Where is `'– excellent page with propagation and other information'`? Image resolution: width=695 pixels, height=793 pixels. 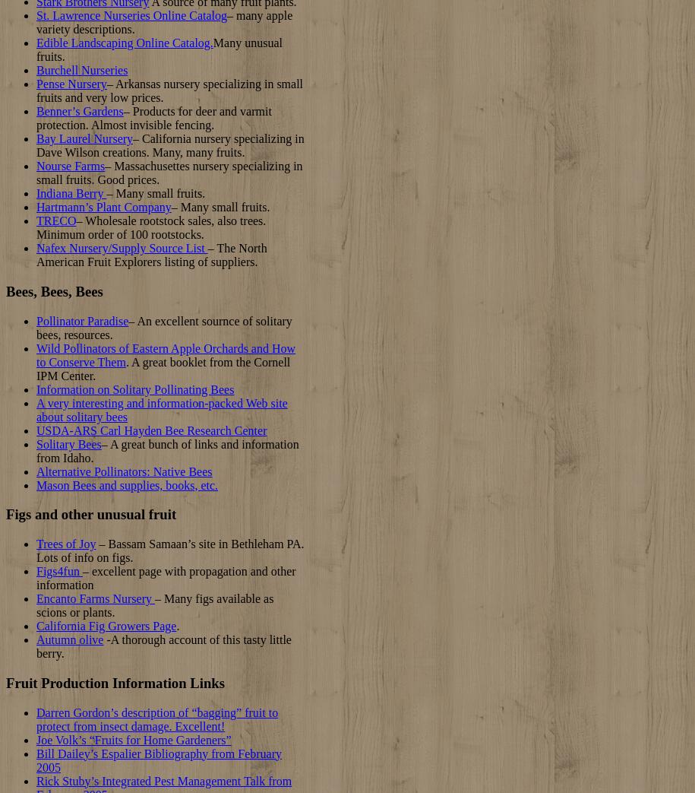
'– excellent page with propagation and other information' is located at coordinates (36, 577).